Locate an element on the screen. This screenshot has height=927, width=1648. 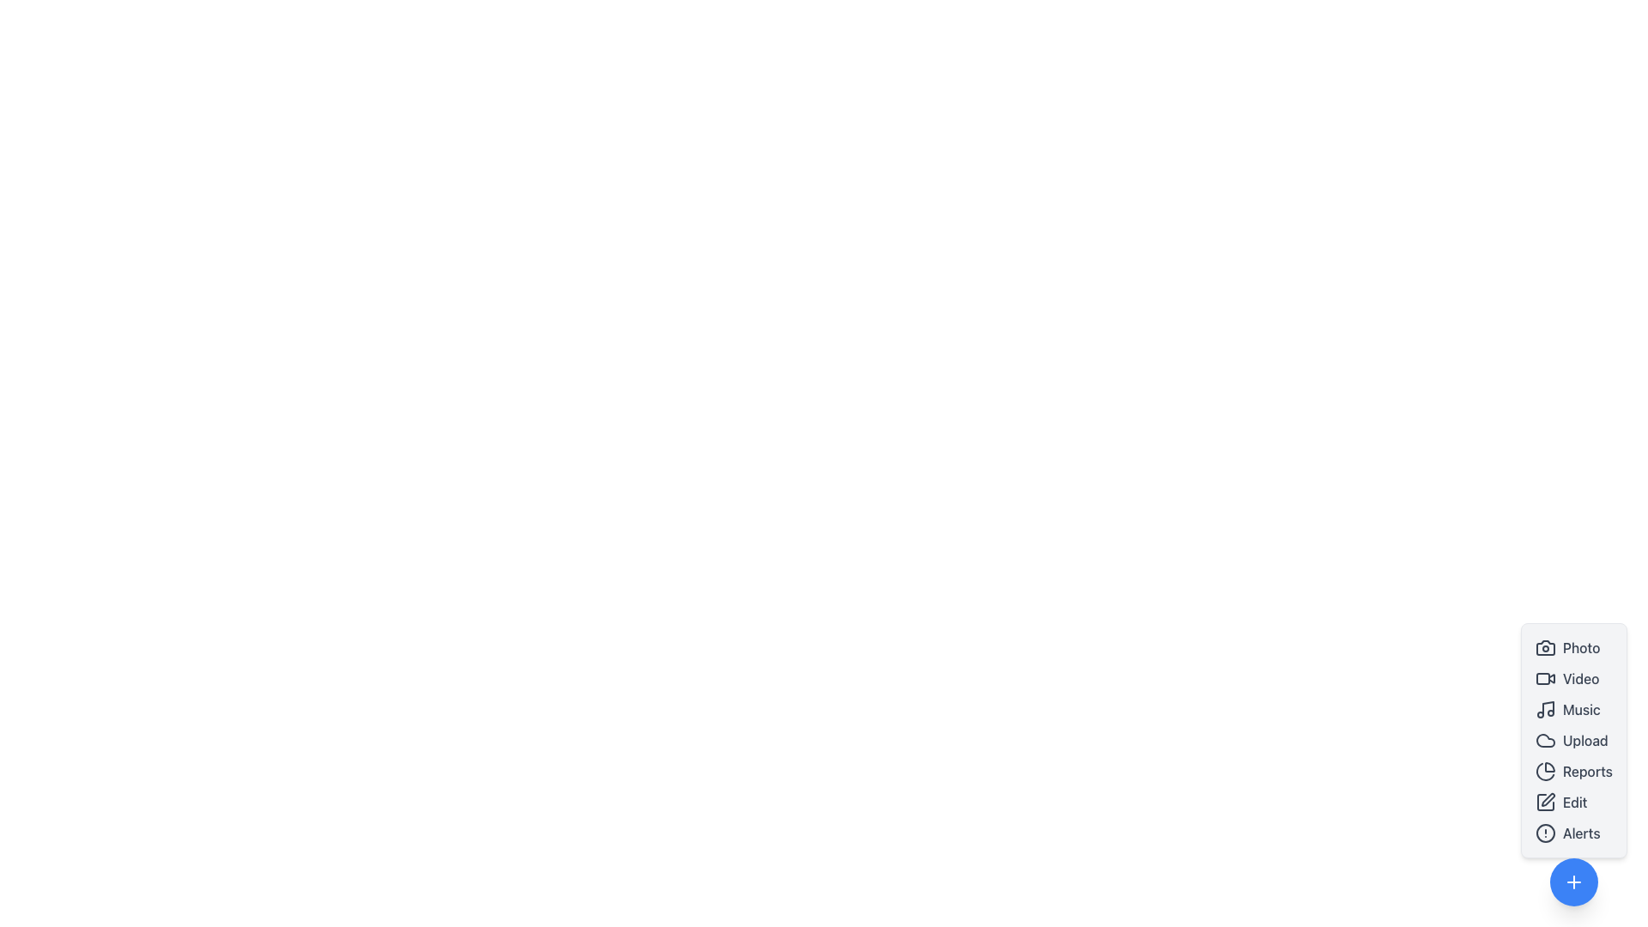
the 'Upload' button, which features a cloud-shaped icon and changes color from gray to purple on hover, positioned below the 'Music' button and above the 'Reports' button is located at coordinates (1572, 740).